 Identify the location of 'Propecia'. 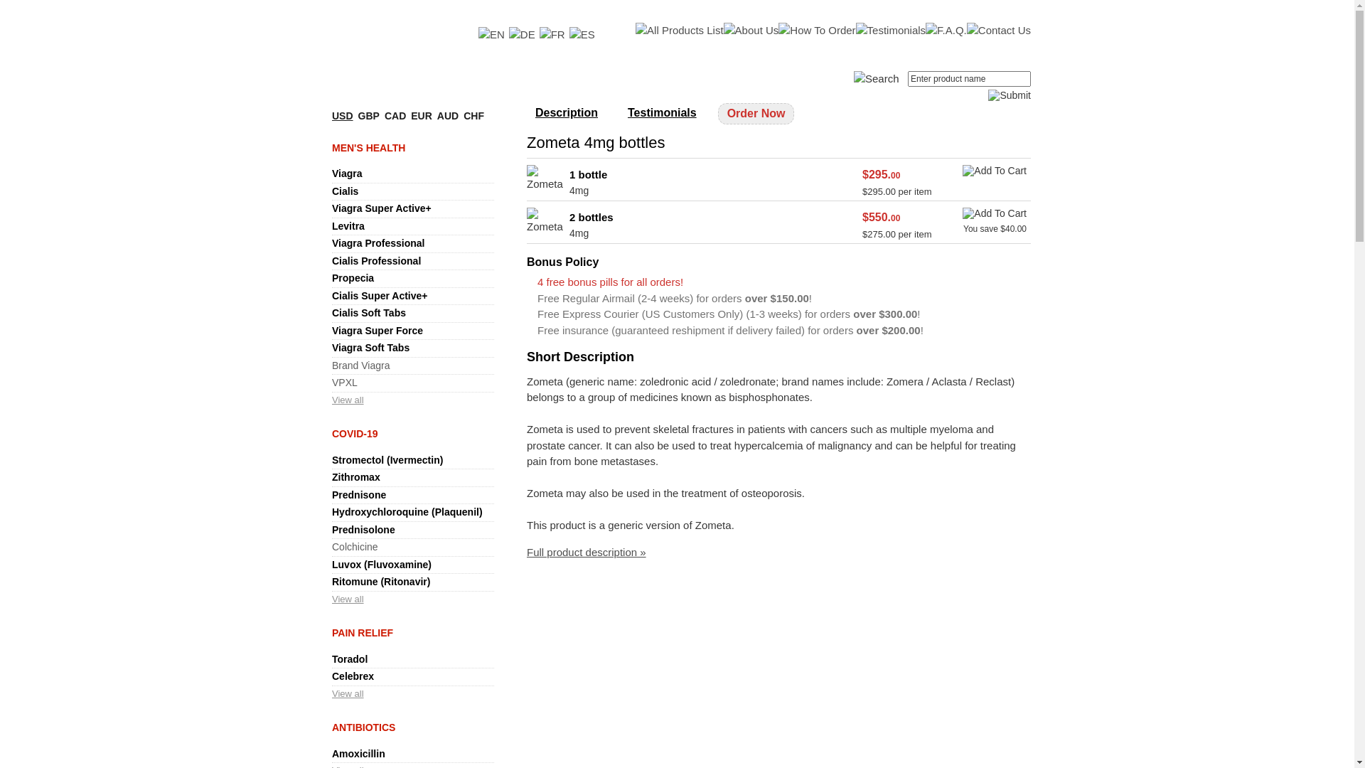
(353, 277).